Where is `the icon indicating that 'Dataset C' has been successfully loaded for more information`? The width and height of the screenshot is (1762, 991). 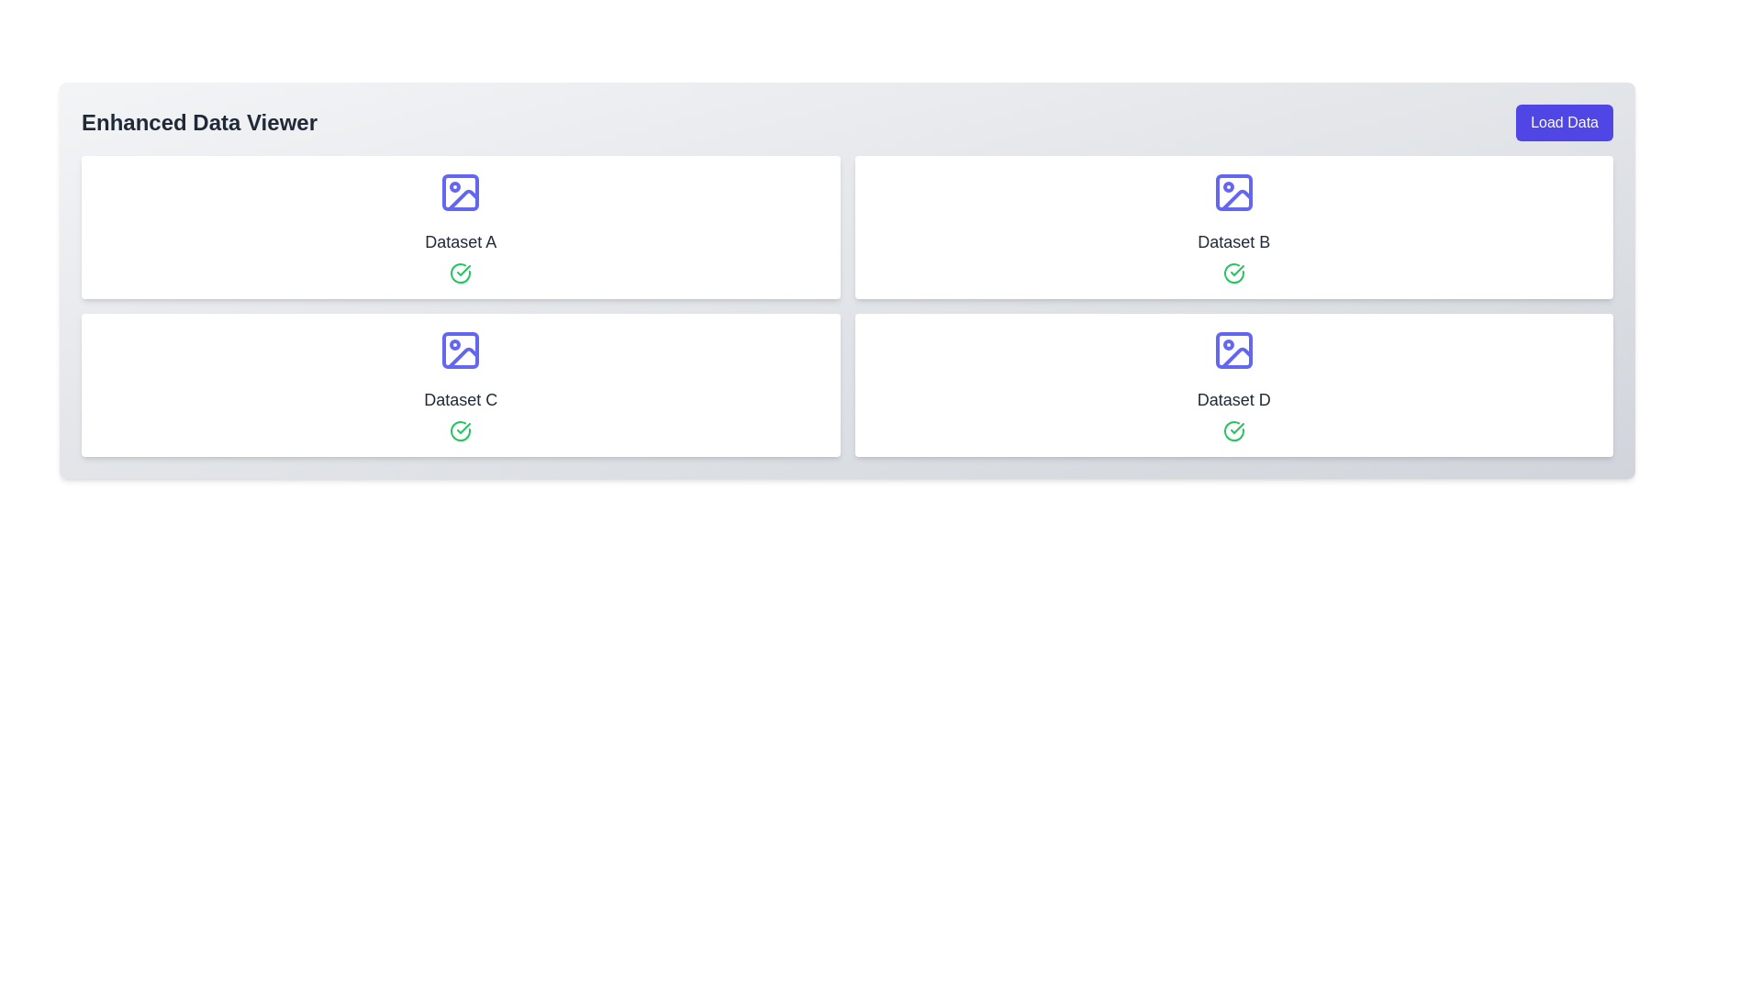
the icon indicating that 'Dataset C' has been successfully loaded for more information is located at coordinates (461, 431).